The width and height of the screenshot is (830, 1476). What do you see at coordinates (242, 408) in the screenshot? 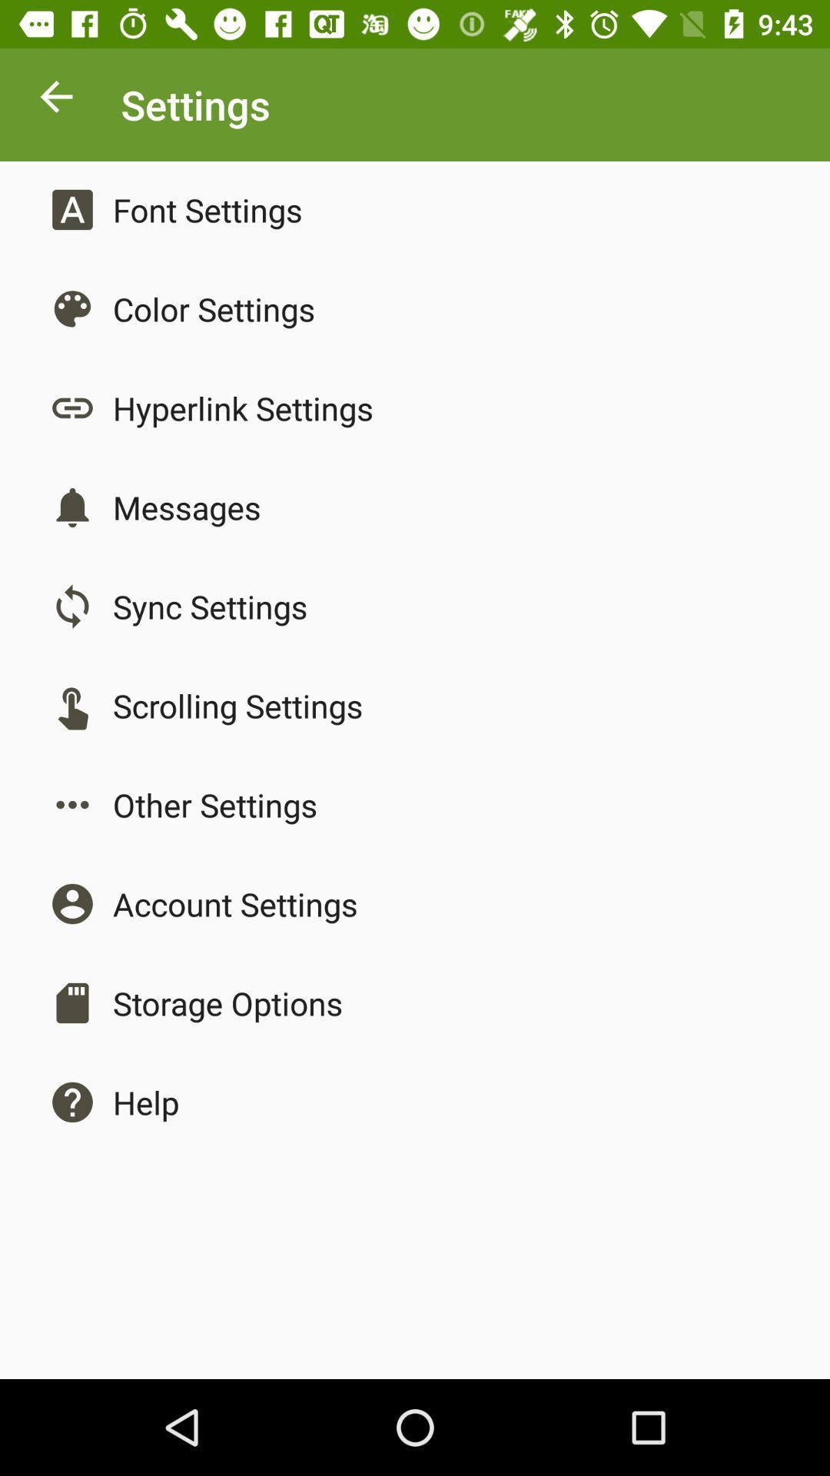
I see `the hyperlink settings item` at bounding box center [242, 408].